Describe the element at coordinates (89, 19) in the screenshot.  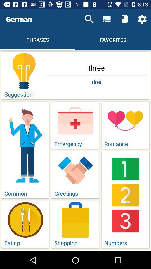
I see `icon above the three icon` at that location.